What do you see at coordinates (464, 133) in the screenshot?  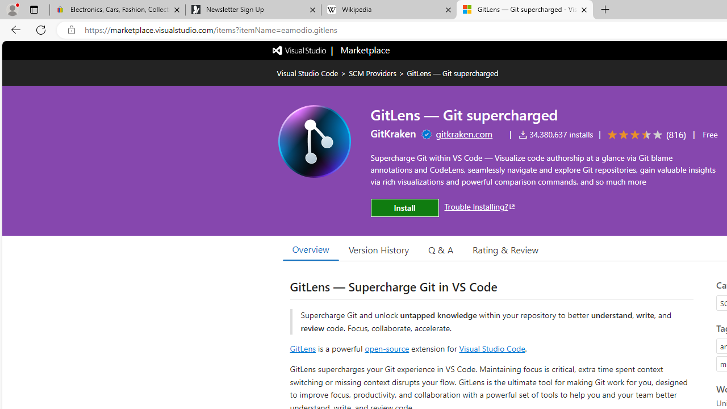 I see `'gitkraken.com'` at bounding box center [464, 133].